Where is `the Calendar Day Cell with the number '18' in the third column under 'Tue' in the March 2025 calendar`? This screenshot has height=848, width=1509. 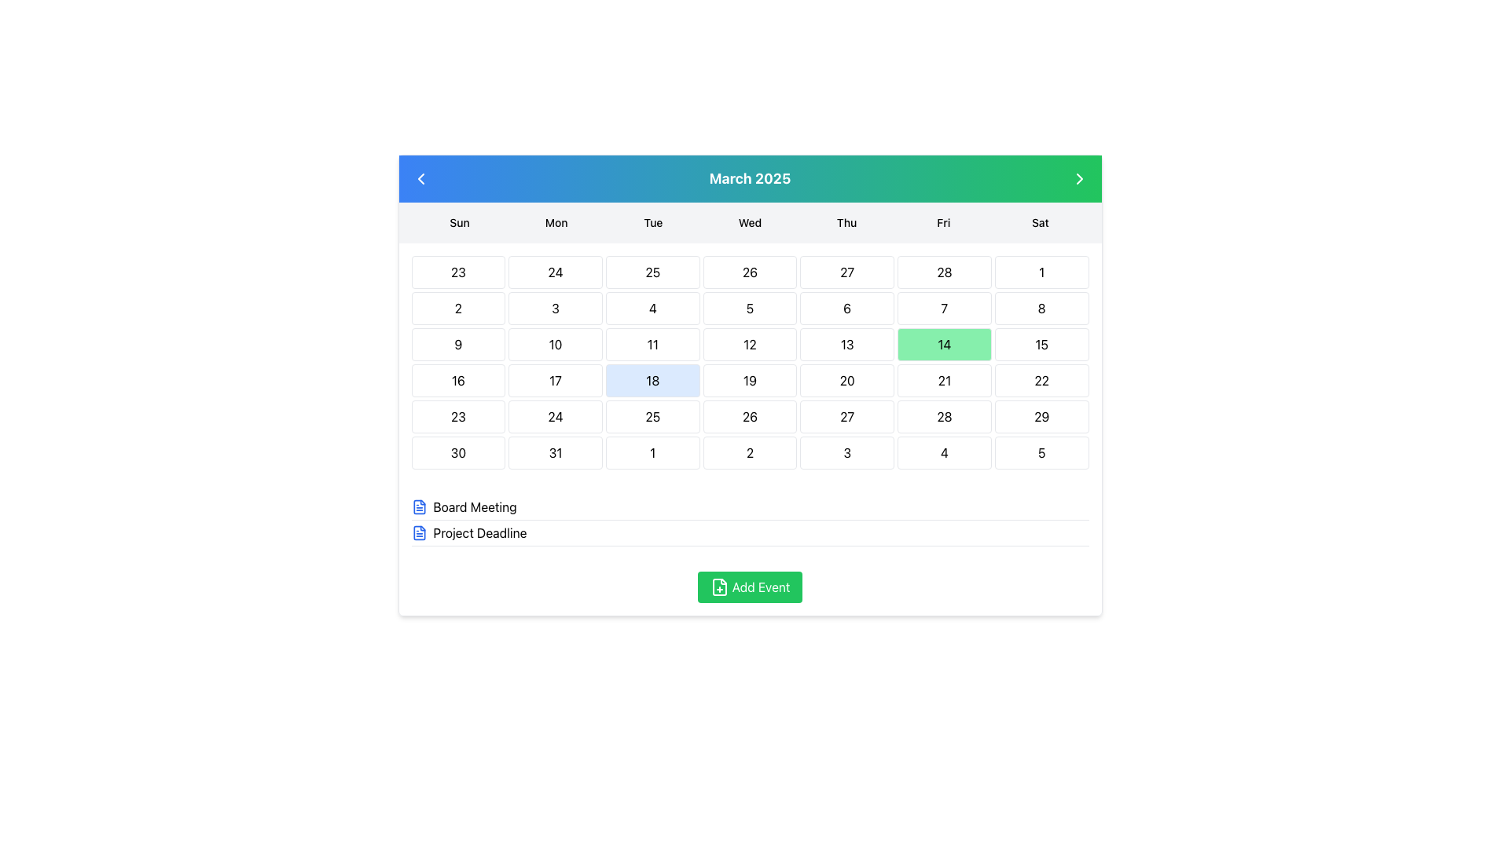 the Calendar Day Cell with the number '18' in the third column under 'Tue' in the March 2025 calendar is located at coordinates (652, 381).